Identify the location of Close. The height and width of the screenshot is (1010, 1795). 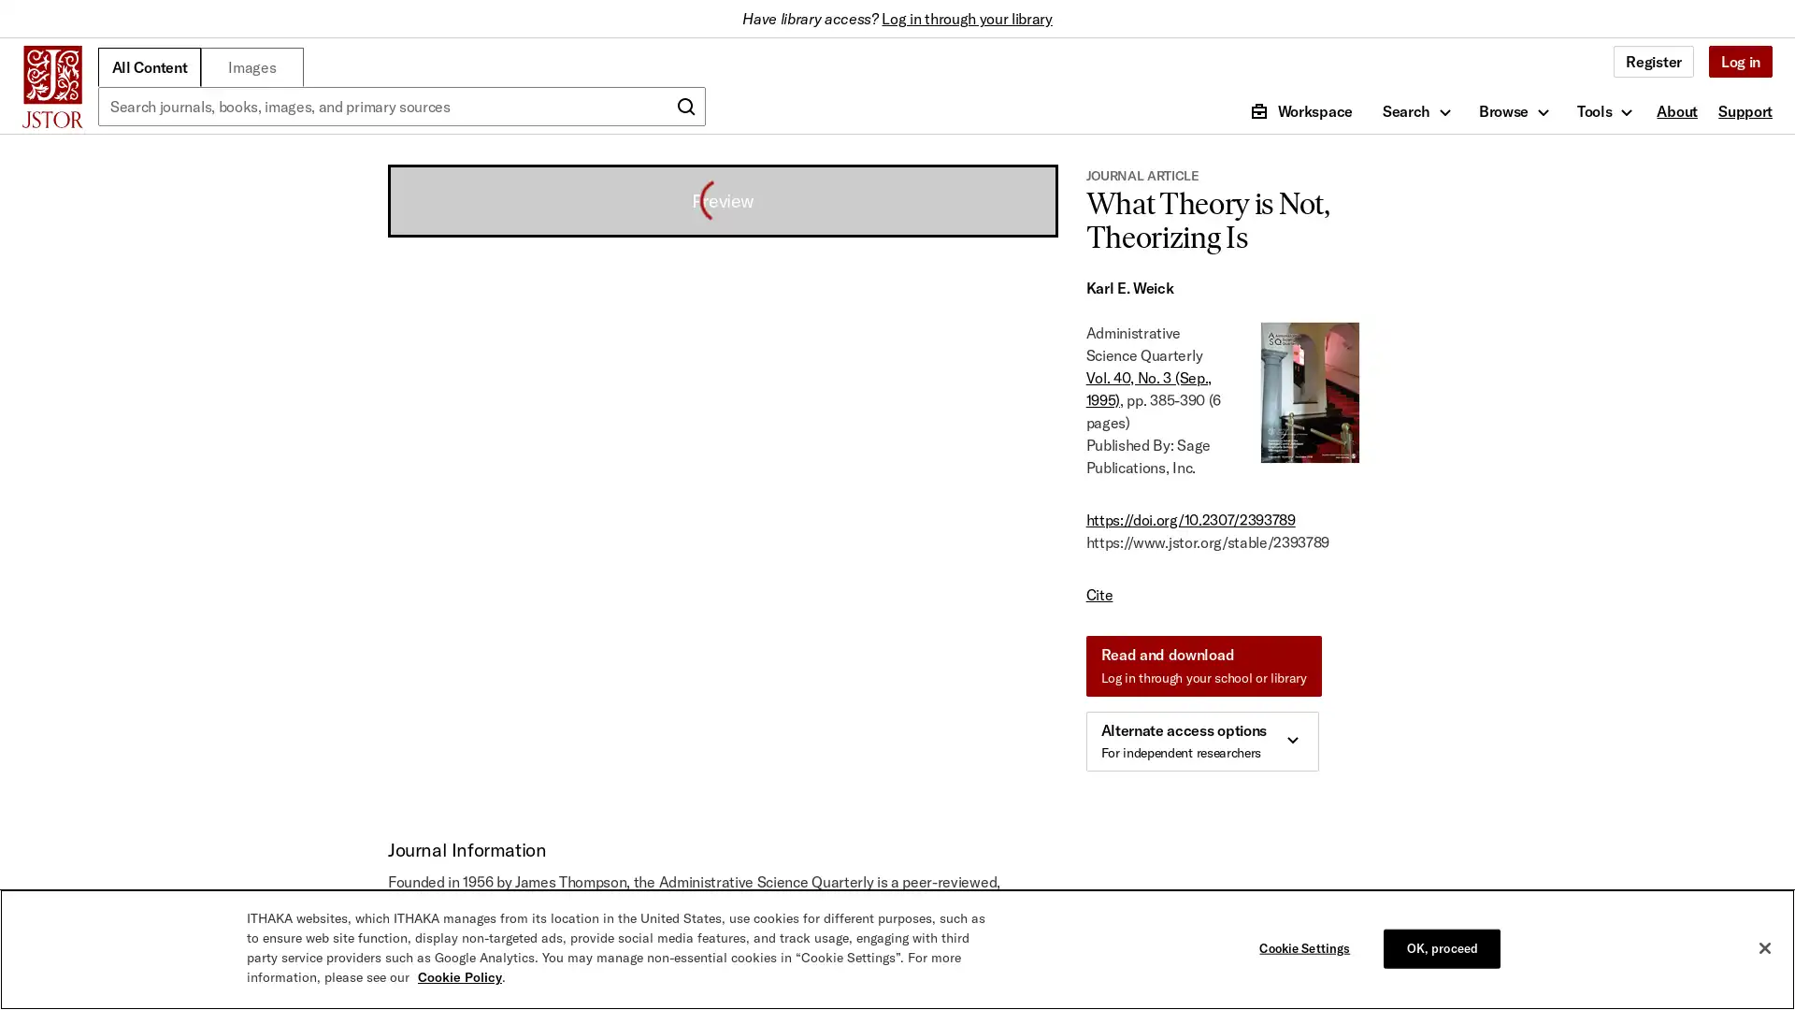
(1763, 948).